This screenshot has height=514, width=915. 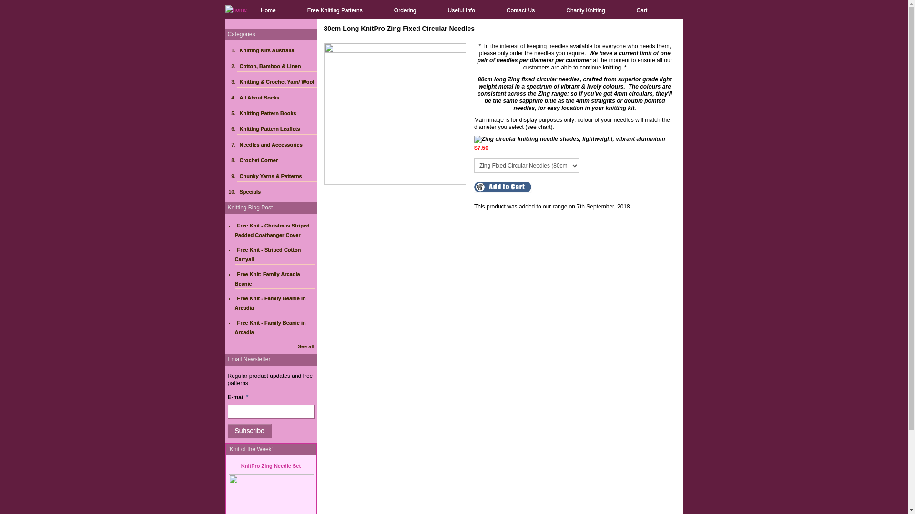 I want to click on 'Cotton, Bamboo & Linen', so click(x=276, y=65).